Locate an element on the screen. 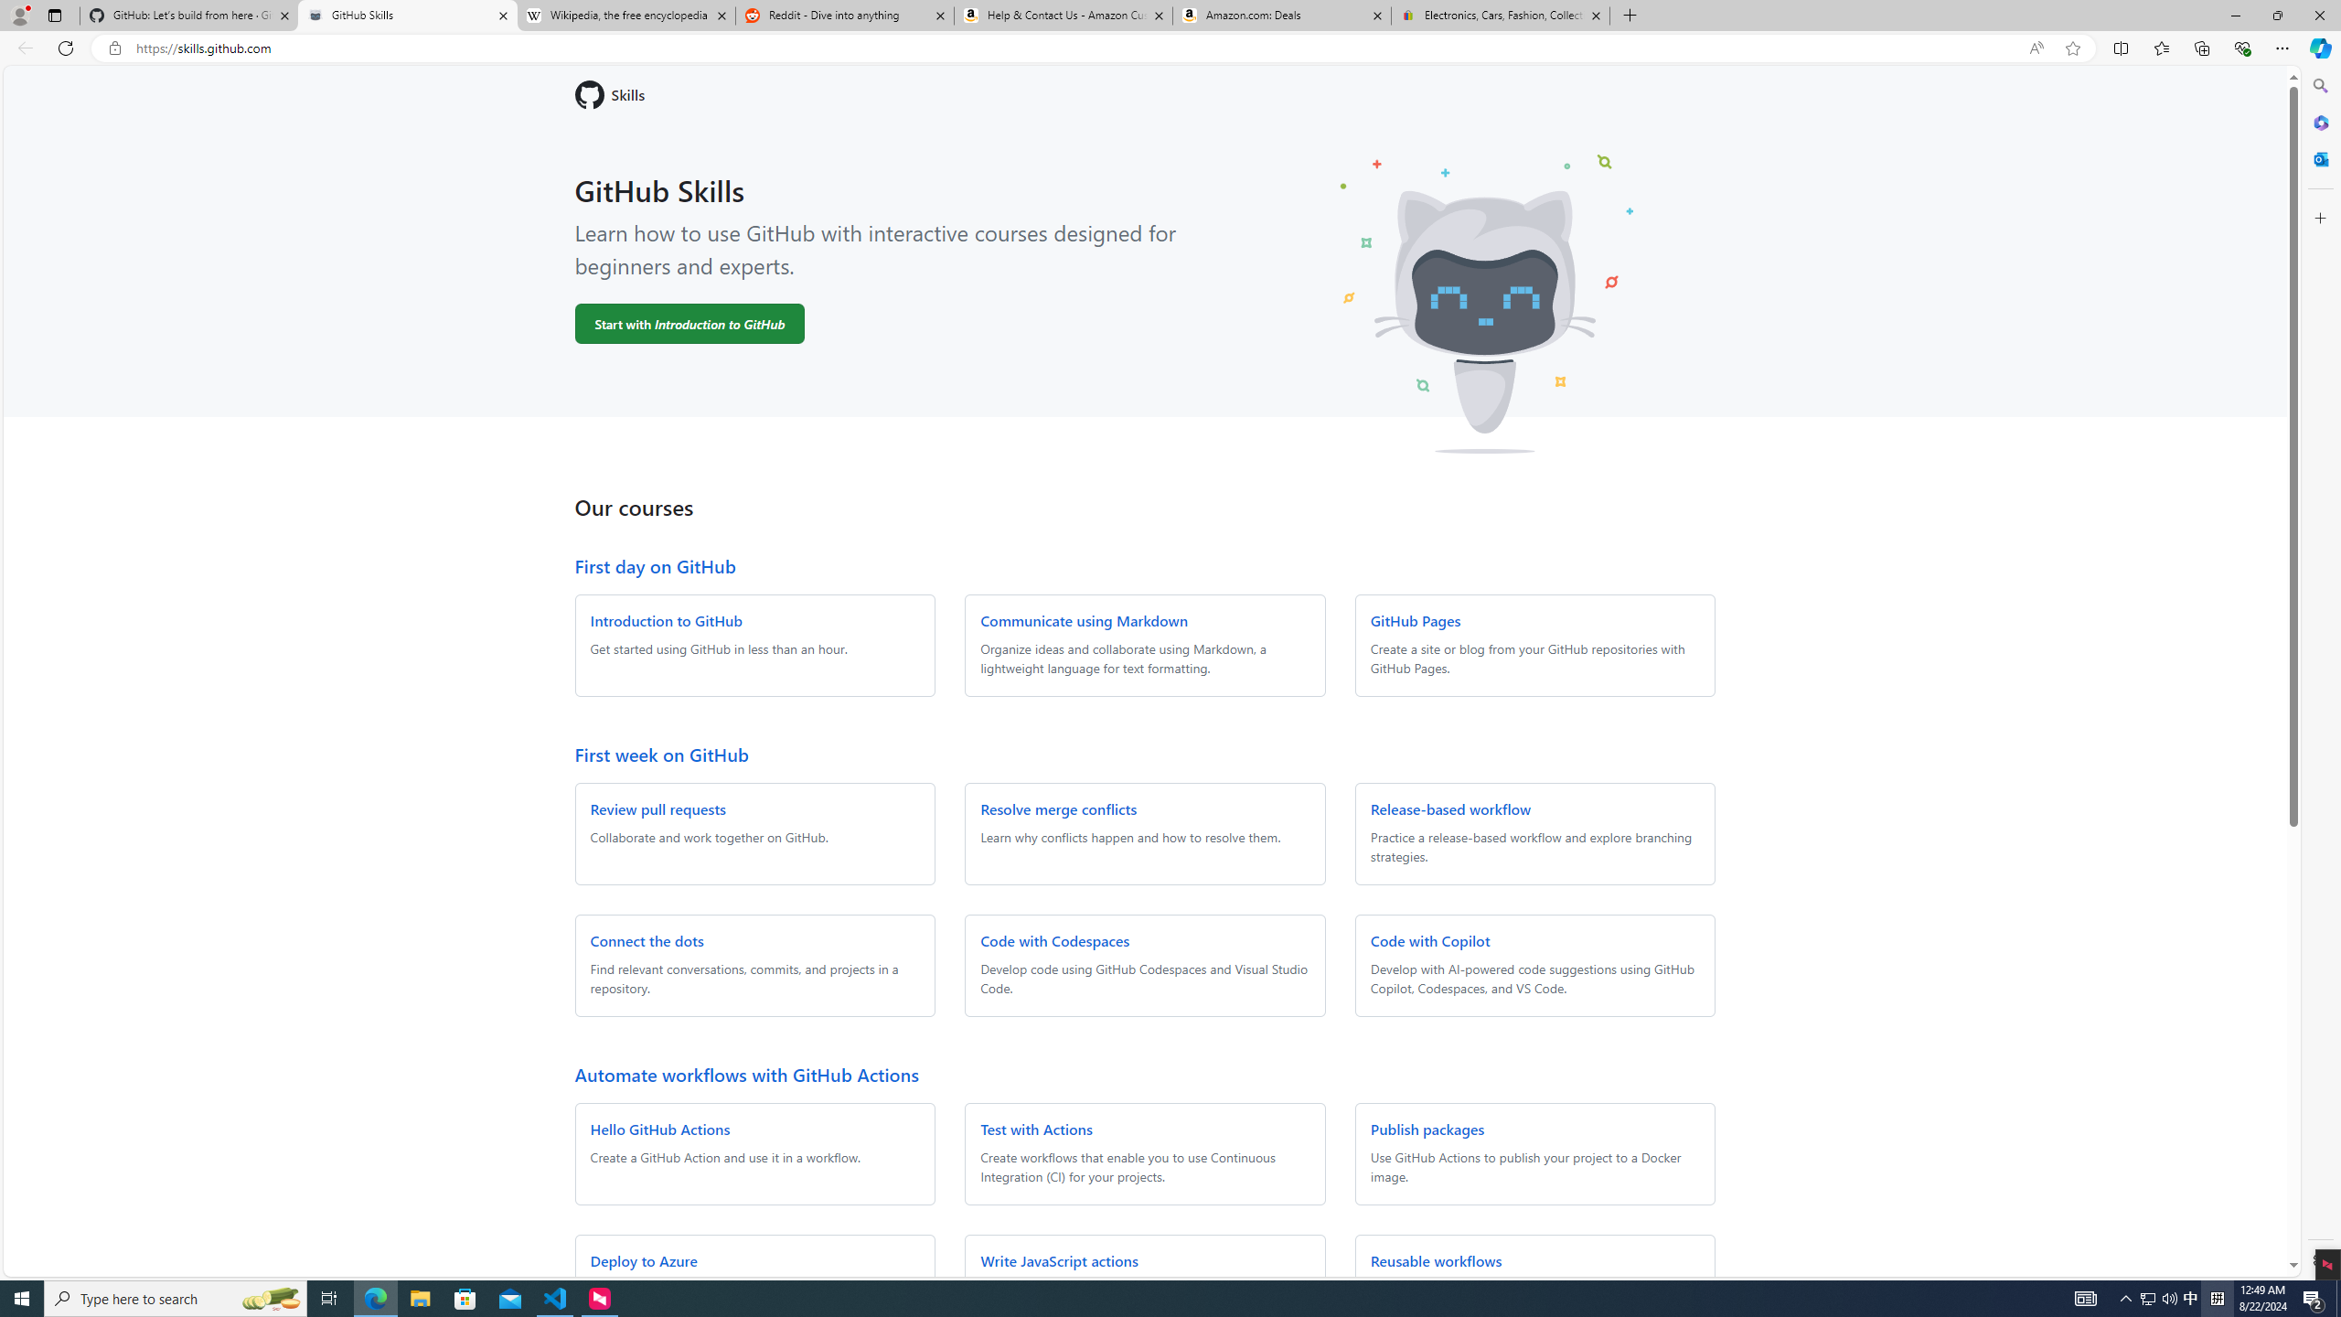  'Write JavaScript actions' is located at coordinates (1058, 1260).